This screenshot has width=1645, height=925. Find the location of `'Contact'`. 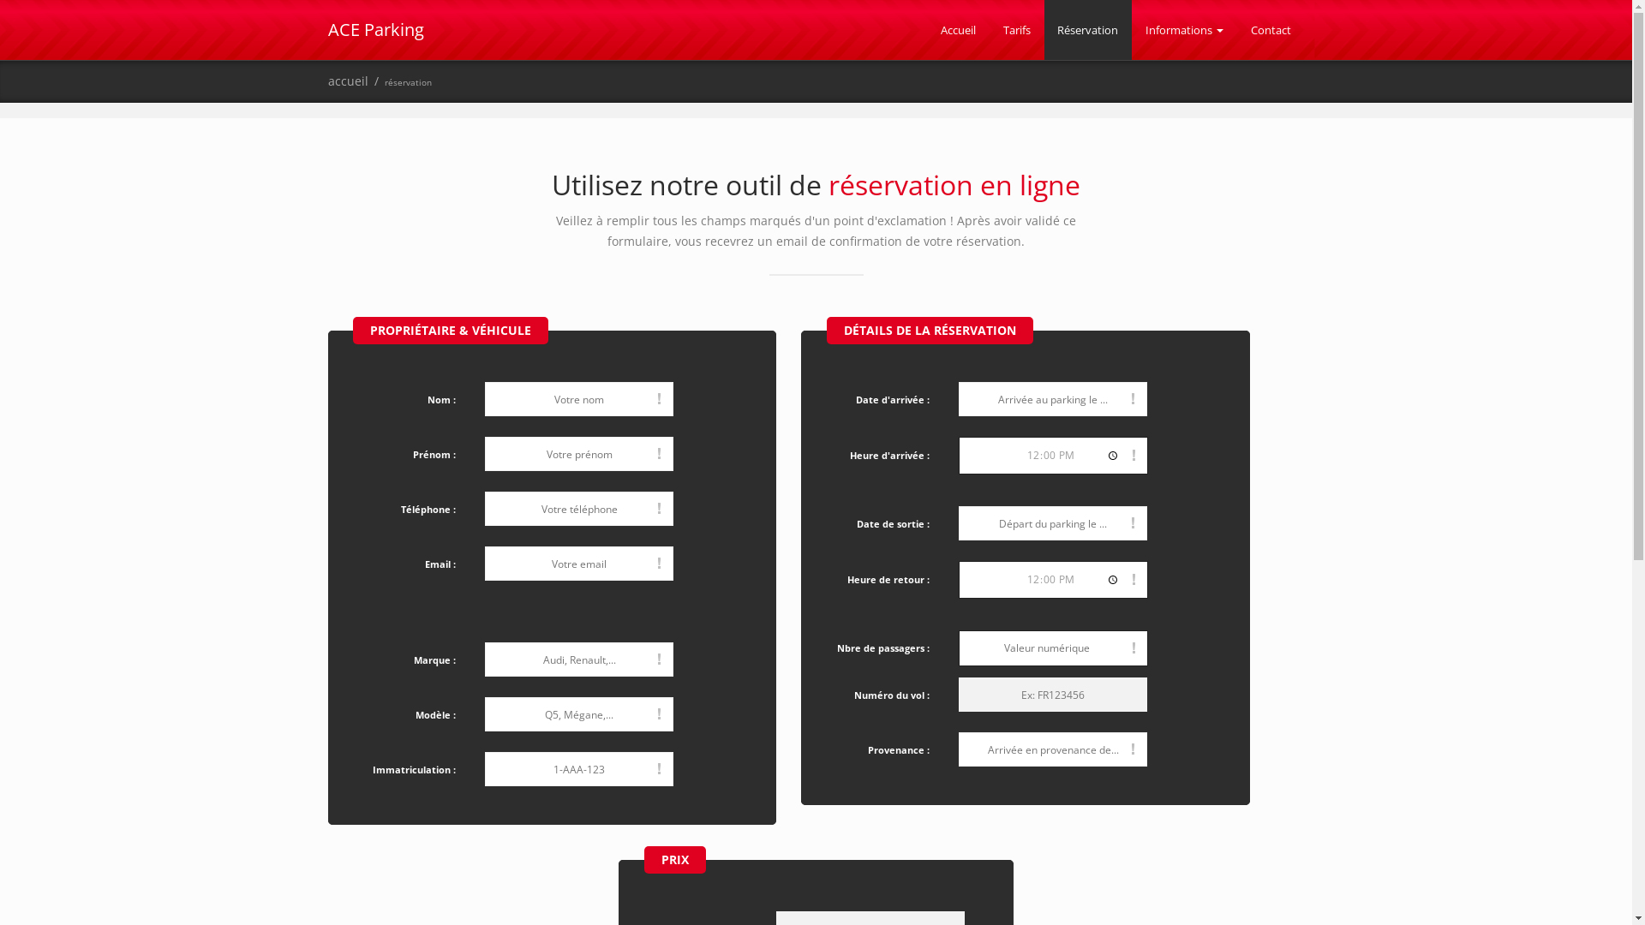

'Contact' is located at coordinates (1237, 29).